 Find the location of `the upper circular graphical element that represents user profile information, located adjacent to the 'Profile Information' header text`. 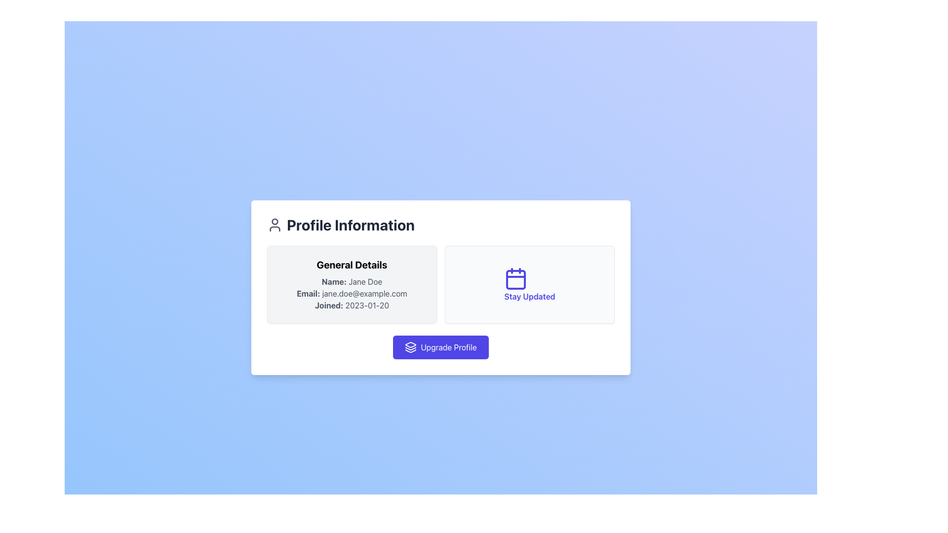

the upper circular graphical element that represents user profile information, located adjacent to the 'Profile Information' header text is located at coordinates (275, 221).